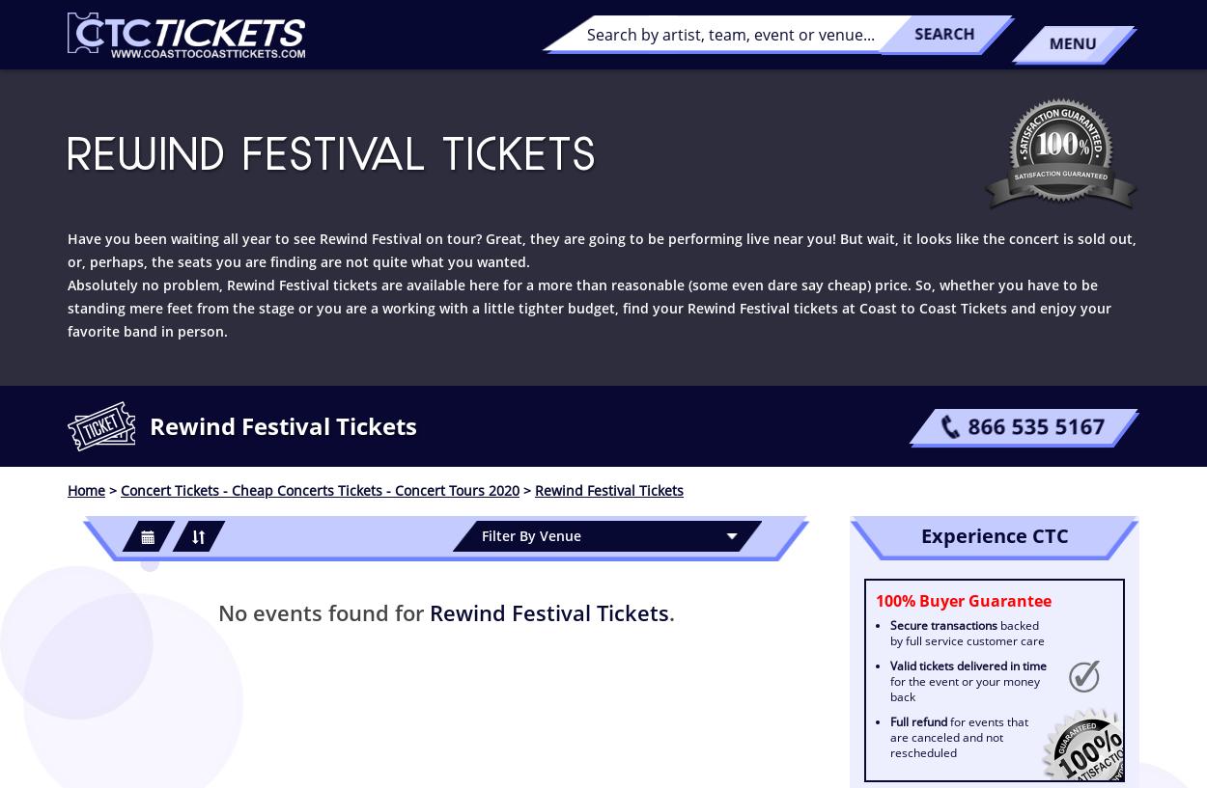 This screenshot has width=1207, height=788. What do you see at coordinates (670, 611) in the screenshot?
I see `'.'` at bounding box center [670, 611].